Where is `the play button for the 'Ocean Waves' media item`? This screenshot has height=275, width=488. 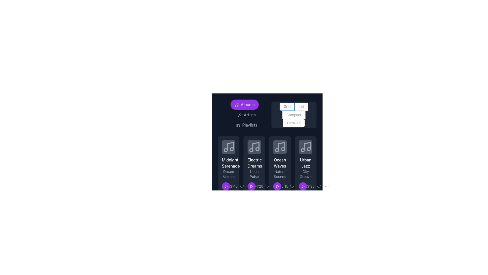 the play button for the 'Ocean Waves' media item is located at coordinates (277, 186).